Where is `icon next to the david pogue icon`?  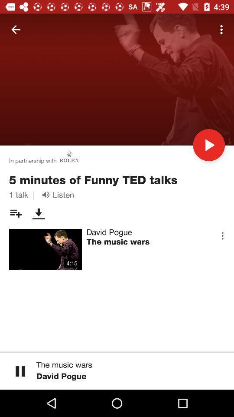
icon next to the david pogue icon is located at coordinates (222, 235).